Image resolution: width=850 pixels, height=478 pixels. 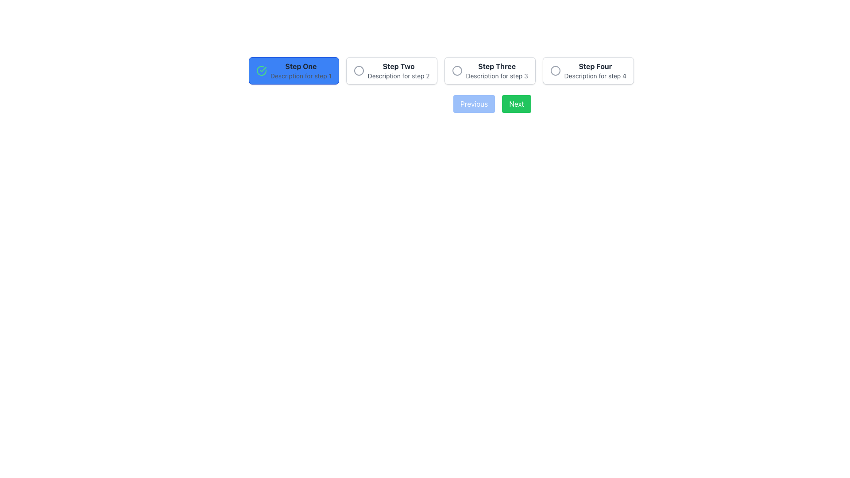 What do you see at coordinates (492, 70) in the screenshot?
I see `the third step of the Multi-step process indicator labeled 'Step Three' located at the top center of the interface` at bounding box center [492, 70].